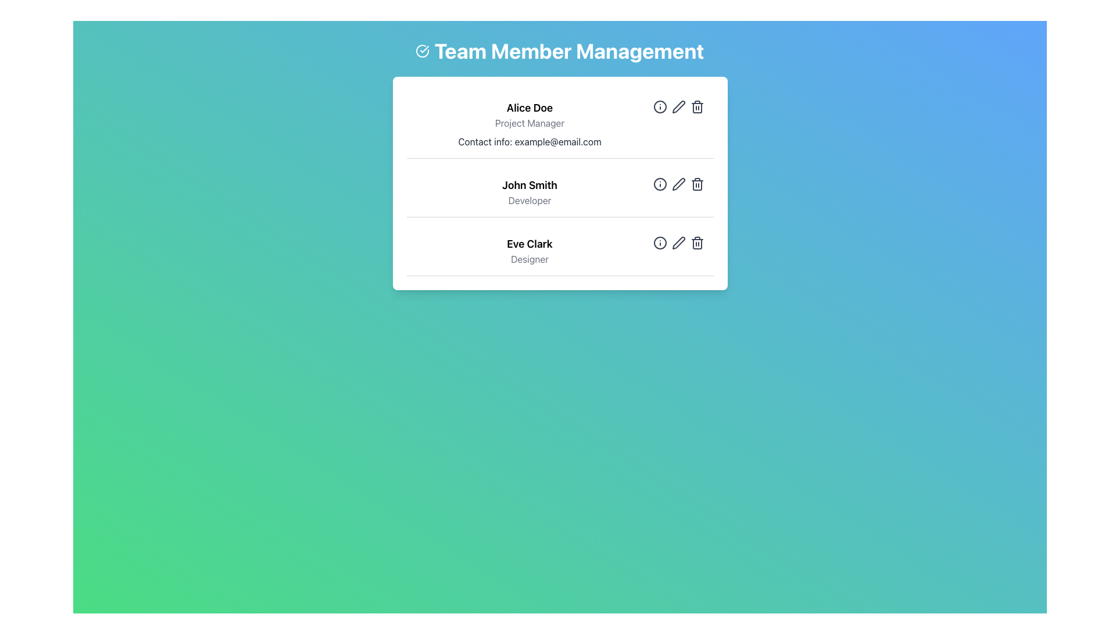 The width and height of the screenshot is (1116, 628). Describe the element at coordinates (529, 199) in the screenshot. I see `static text label that displays the role or position of the team member named 'John Smith', located directly beneath their name in the team member list` at that location.